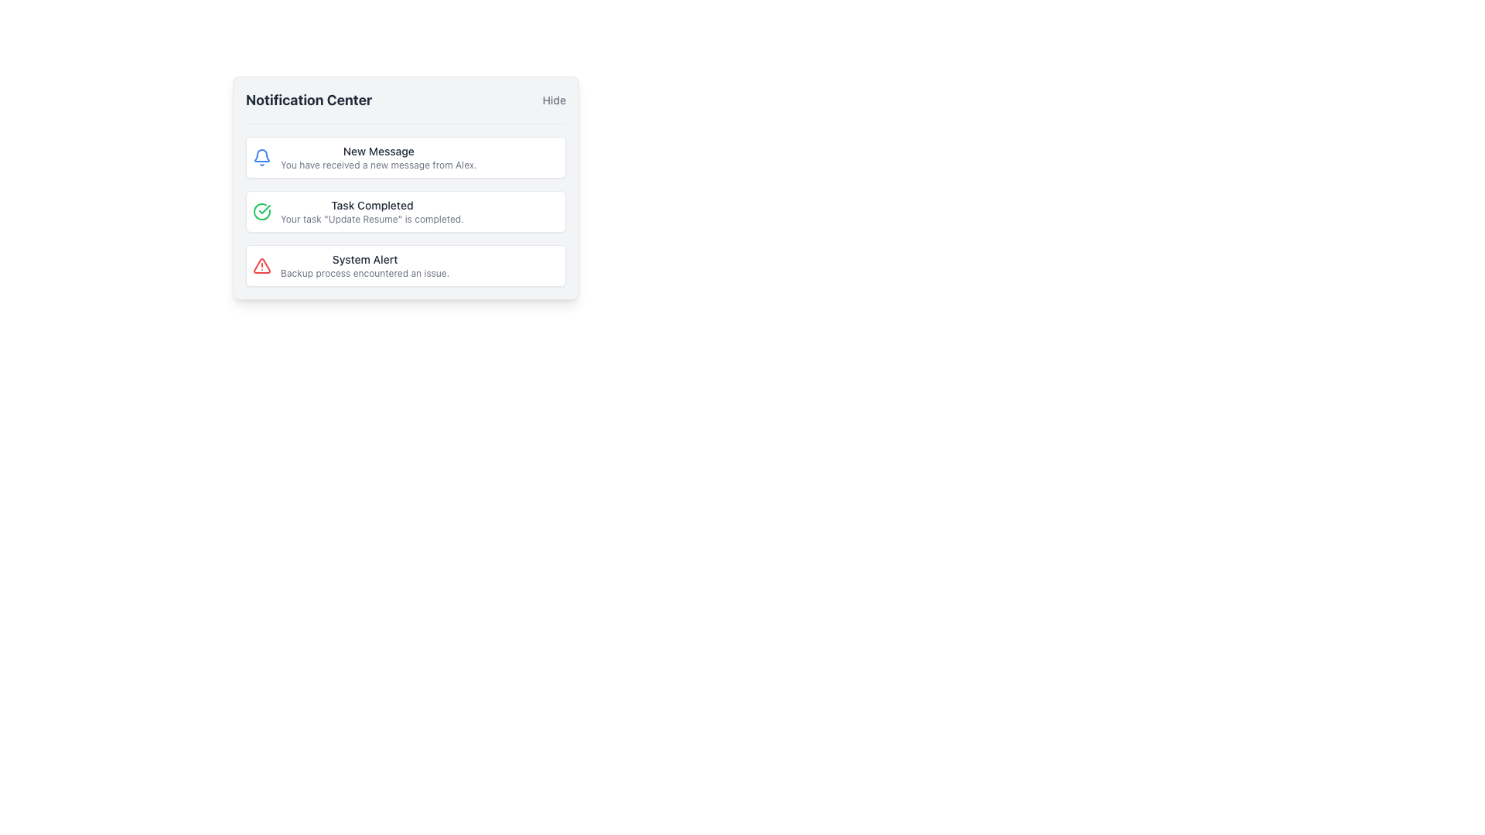 This screenshot has width=1485, height=835. What do you see at coordinates (364, 273) in the screenshot?
I see `the text element reading 'Backup process encountered an issue.' which is located in the notification box labeled 'System Alert'` at bounding box center [364, 273].